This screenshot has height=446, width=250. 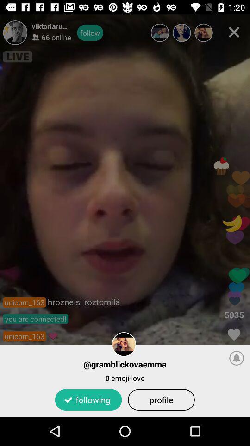 What do you see at coordinates (88, 399) in the screenshot?
I see `item next to profile` at bounding box center [88, 399].